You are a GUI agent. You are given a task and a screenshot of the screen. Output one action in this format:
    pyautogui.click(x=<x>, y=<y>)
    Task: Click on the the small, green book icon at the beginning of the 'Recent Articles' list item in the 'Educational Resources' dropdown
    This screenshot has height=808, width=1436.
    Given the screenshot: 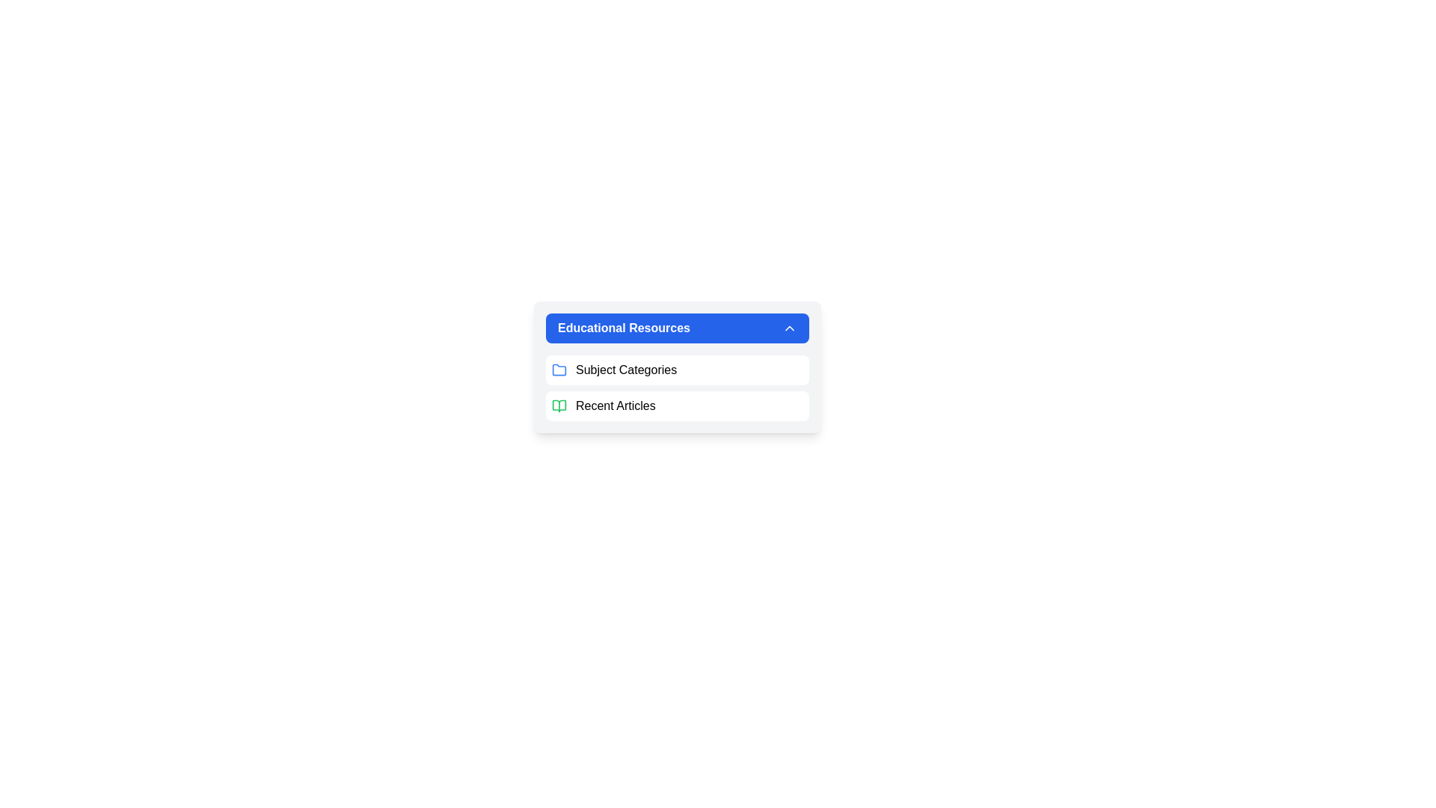 What is the action you would take?
    pyautogui.click(x=559, y=406)
    